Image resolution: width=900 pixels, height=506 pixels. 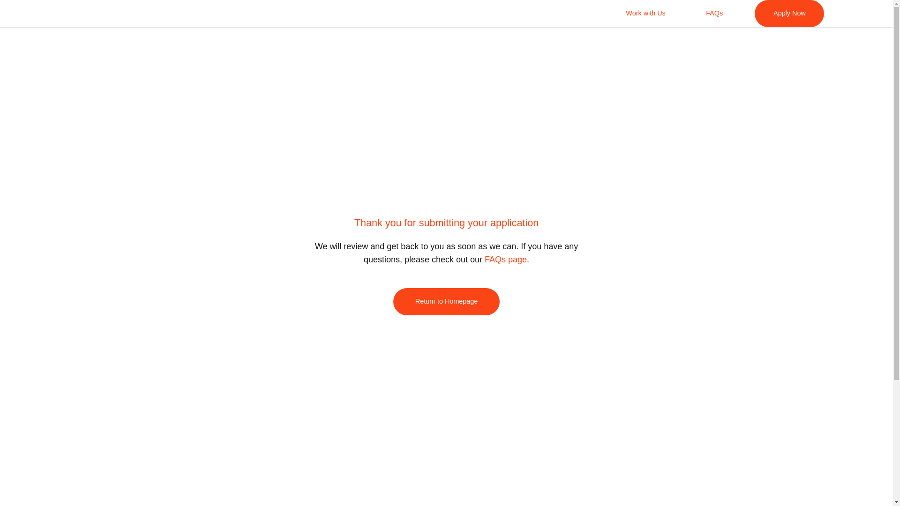 I want to click on 'FAQs page', so click(x=505, y=260).